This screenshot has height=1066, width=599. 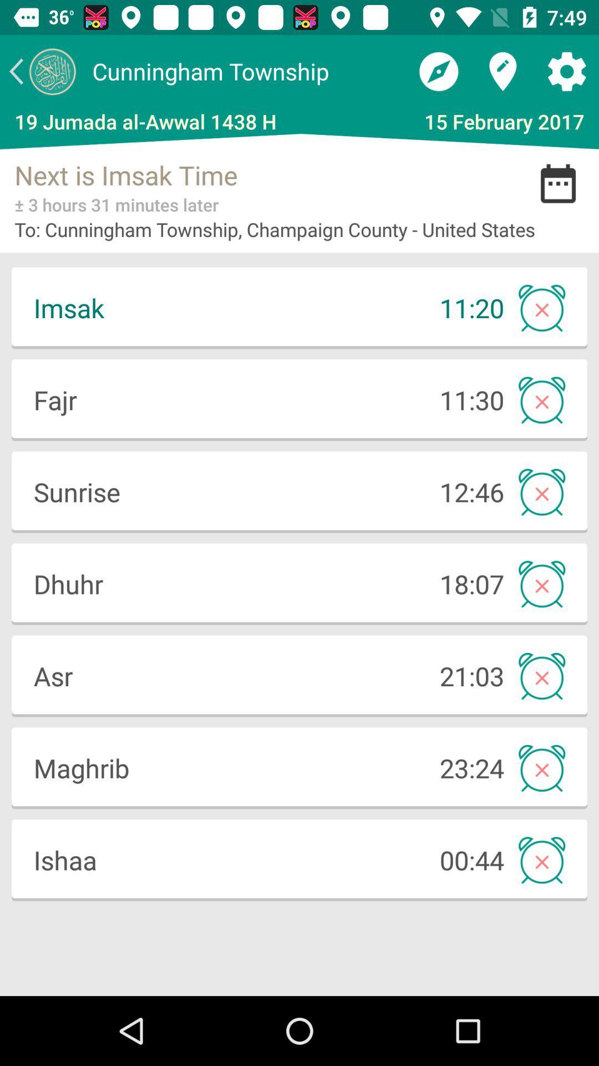 I want to click on the settings icon, so click(x=567, y=71).